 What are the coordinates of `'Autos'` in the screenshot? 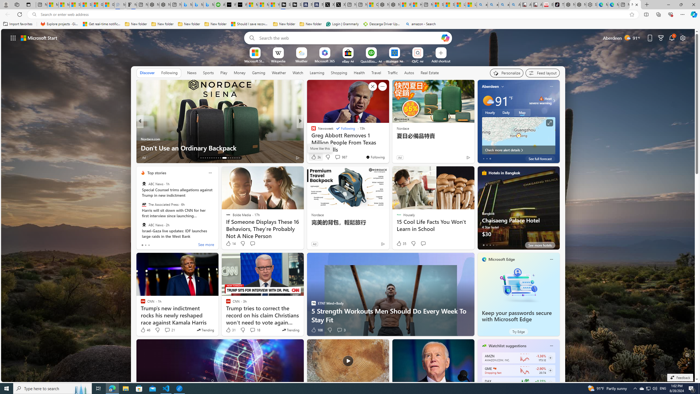 It's located at (409, 73).